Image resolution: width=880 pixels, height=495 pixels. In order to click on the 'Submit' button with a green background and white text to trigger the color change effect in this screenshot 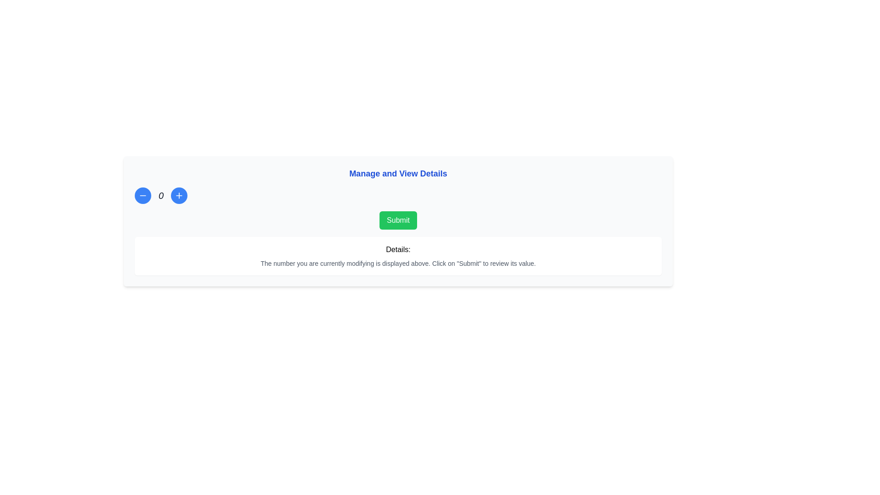, I will do `click(398, 220)`.